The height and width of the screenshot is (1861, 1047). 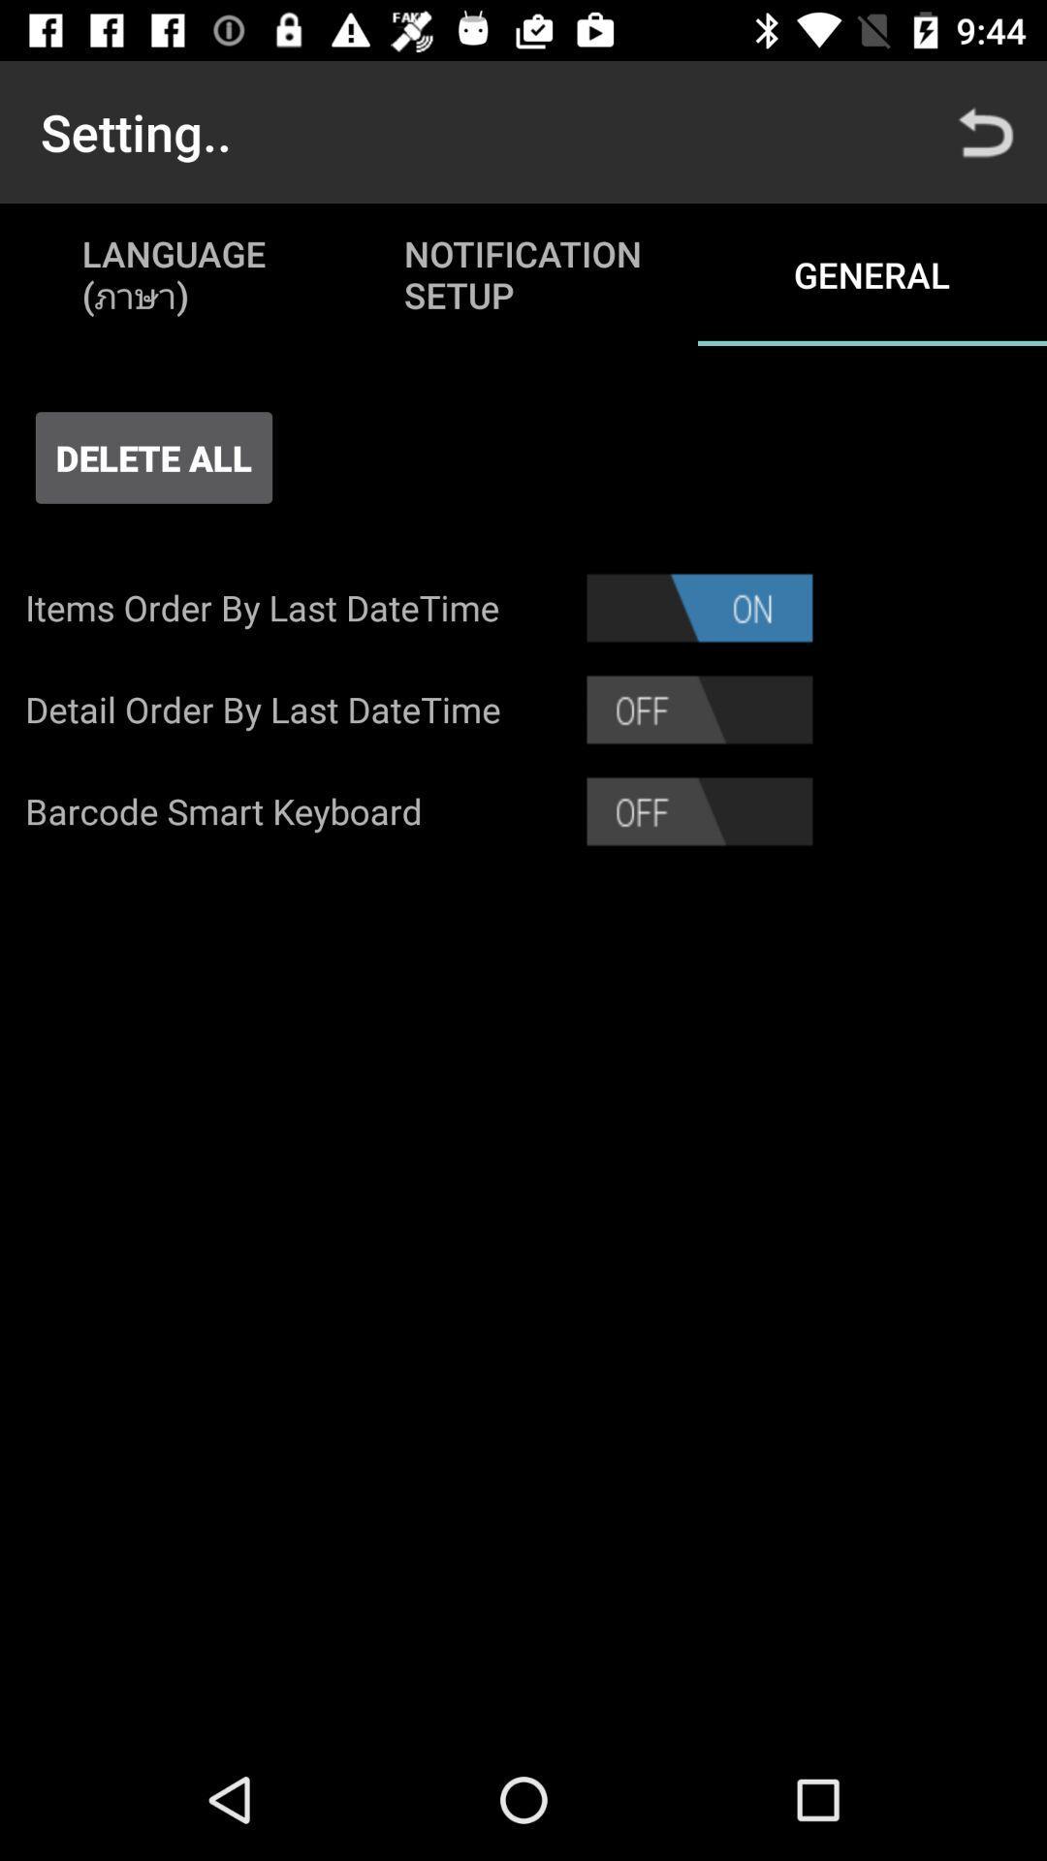 What do you see at coordinates (152, 457) in the screenshot?
I see `delete all icon` at bounding box center [152, 457].